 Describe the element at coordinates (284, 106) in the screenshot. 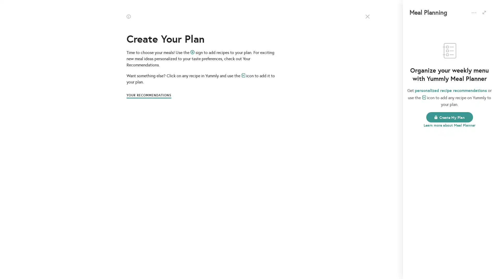

I see `Vegetarian` at that location.